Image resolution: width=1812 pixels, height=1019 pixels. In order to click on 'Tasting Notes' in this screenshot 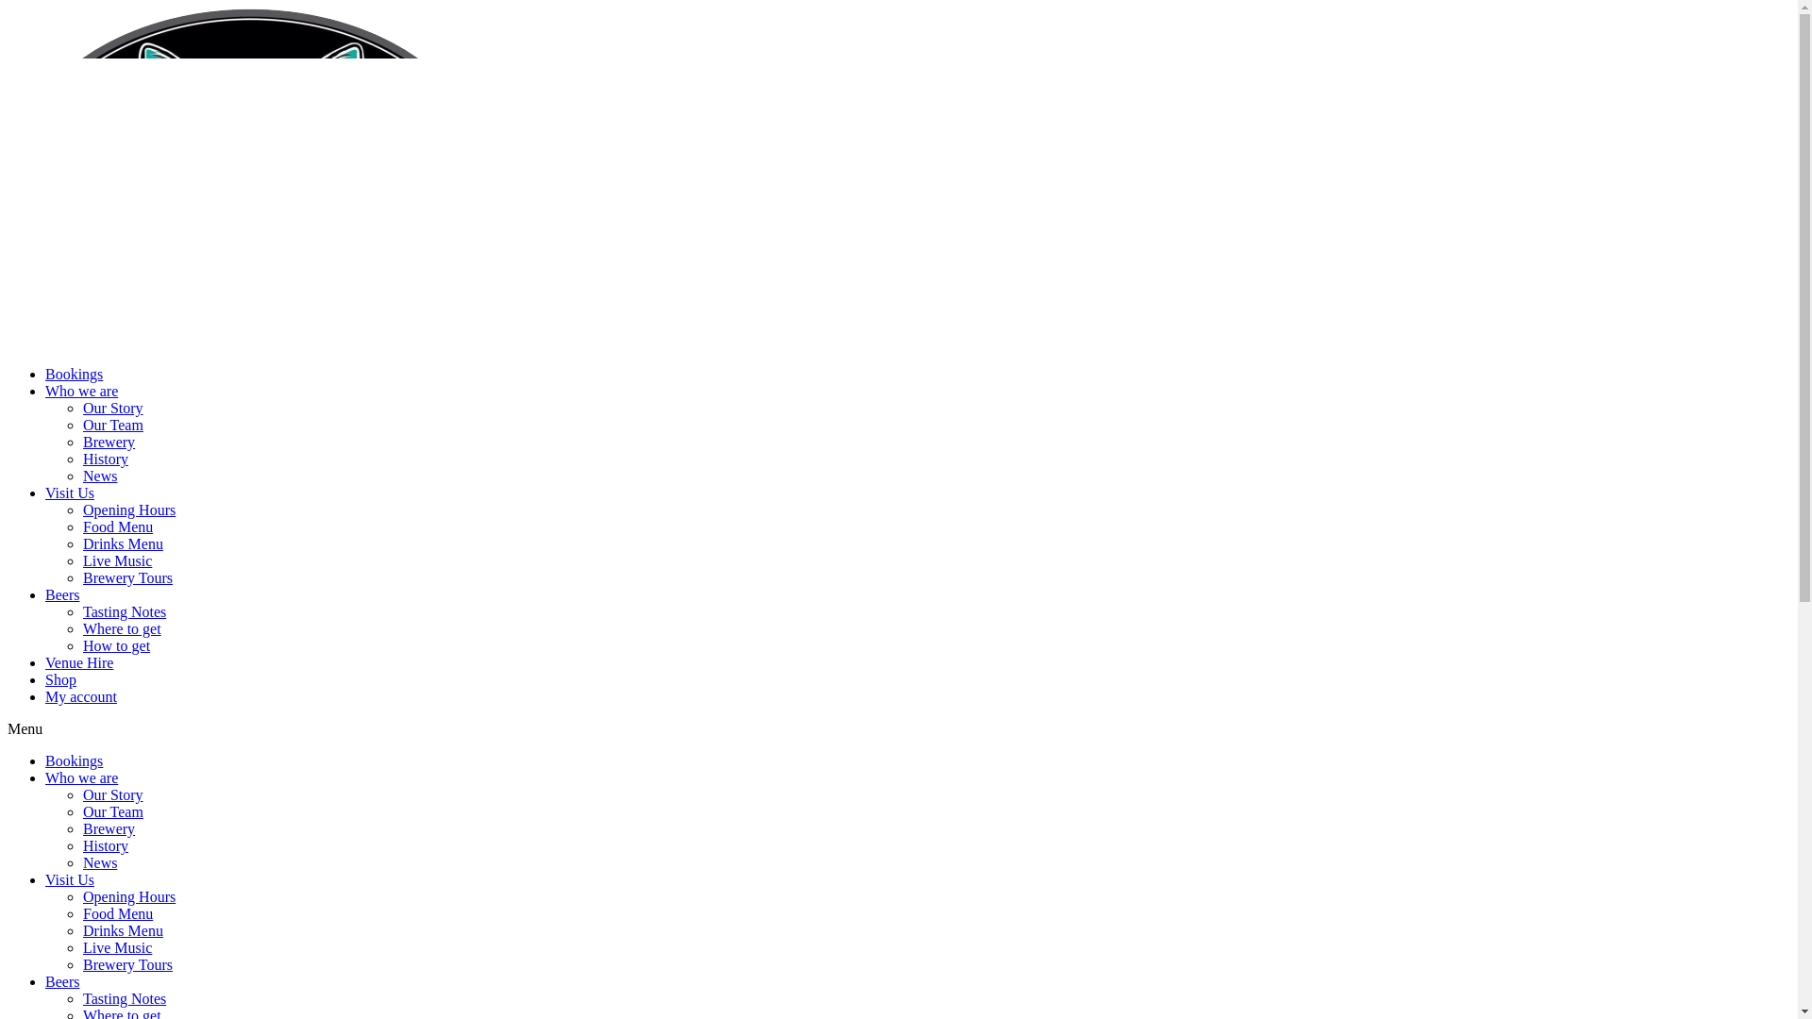, I will do `click(81, 611)`.